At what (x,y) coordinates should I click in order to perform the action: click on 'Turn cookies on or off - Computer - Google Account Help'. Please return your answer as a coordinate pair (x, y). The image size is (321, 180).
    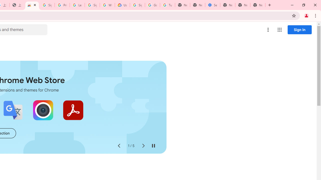
    Looking at the image, I should click on (167, 5).